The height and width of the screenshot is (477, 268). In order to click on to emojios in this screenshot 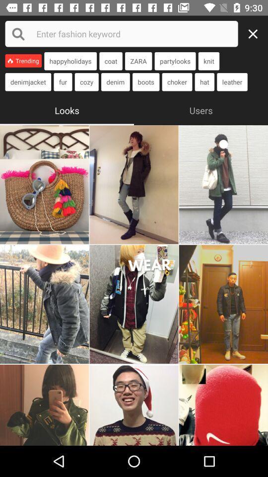, I will do `click(134, 304)`.